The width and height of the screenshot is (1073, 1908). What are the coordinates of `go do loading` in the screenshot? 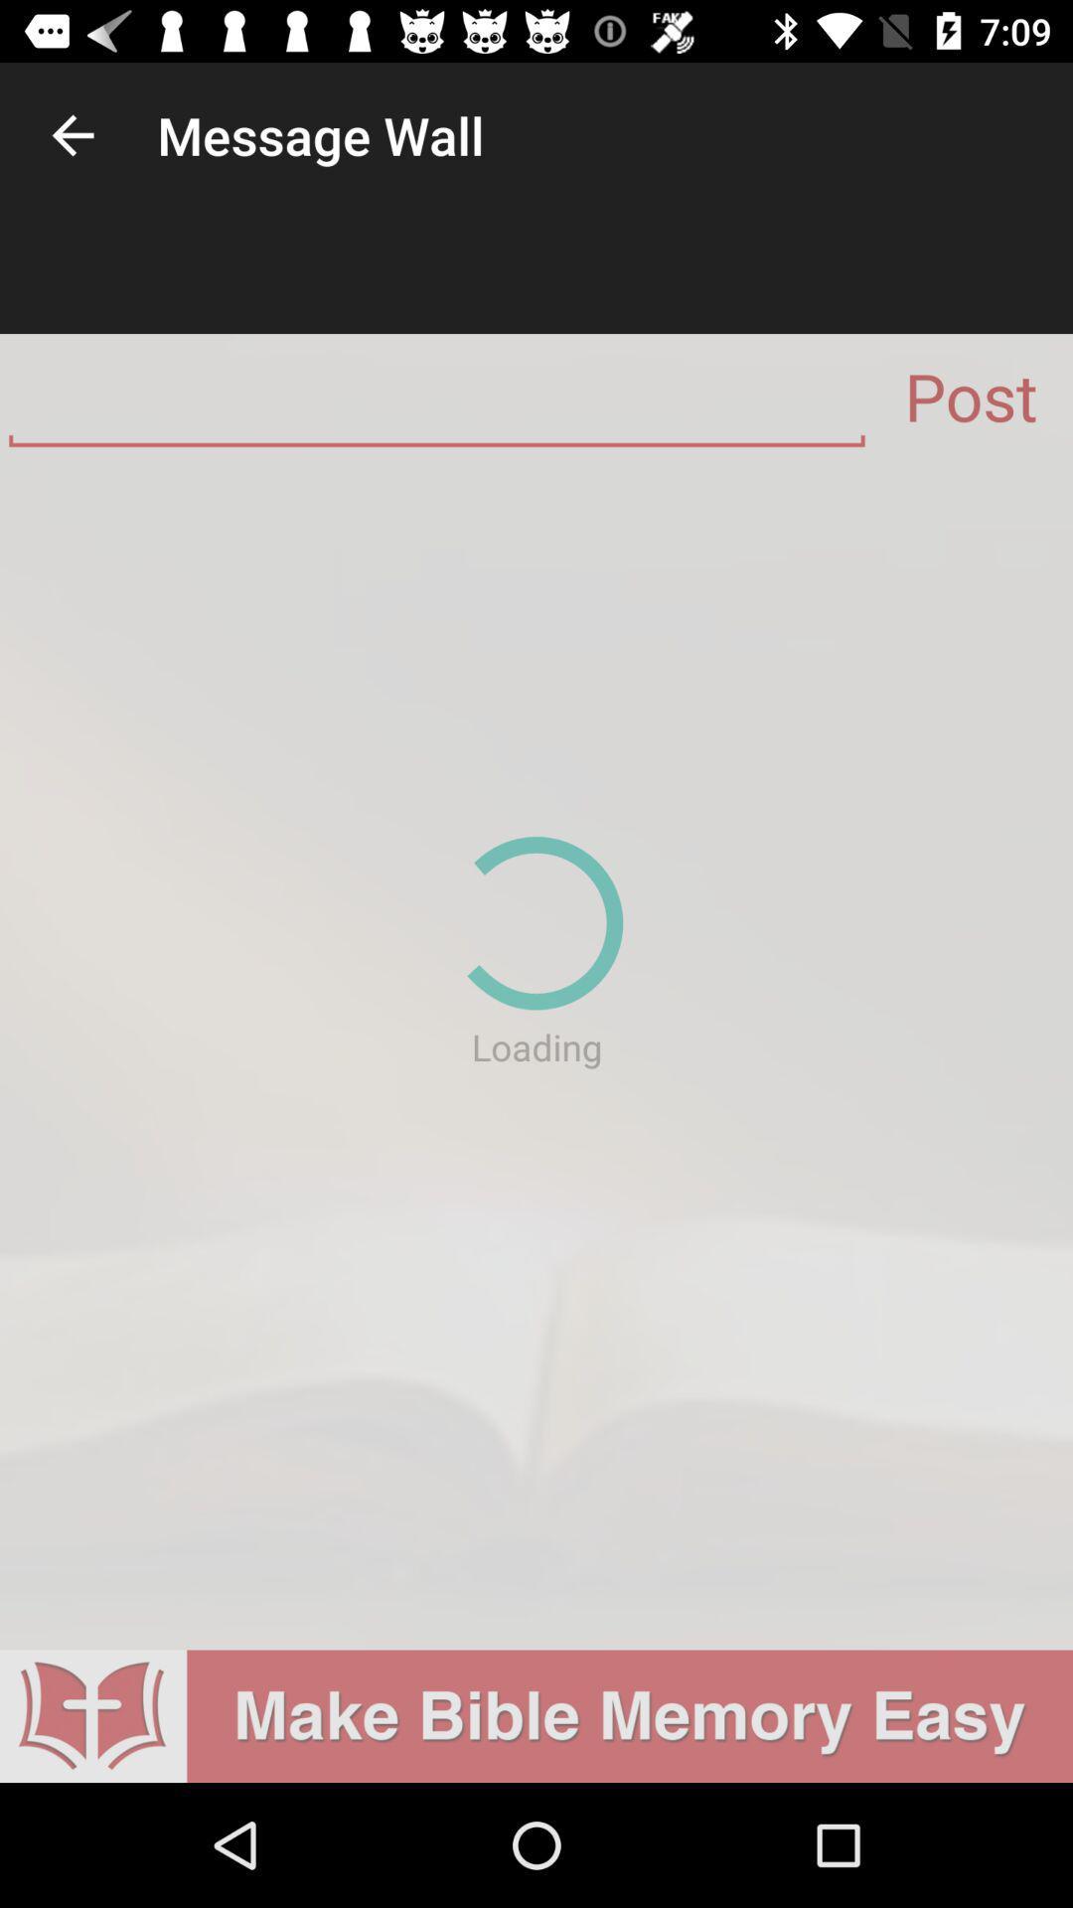 It's located at (536, 1053).